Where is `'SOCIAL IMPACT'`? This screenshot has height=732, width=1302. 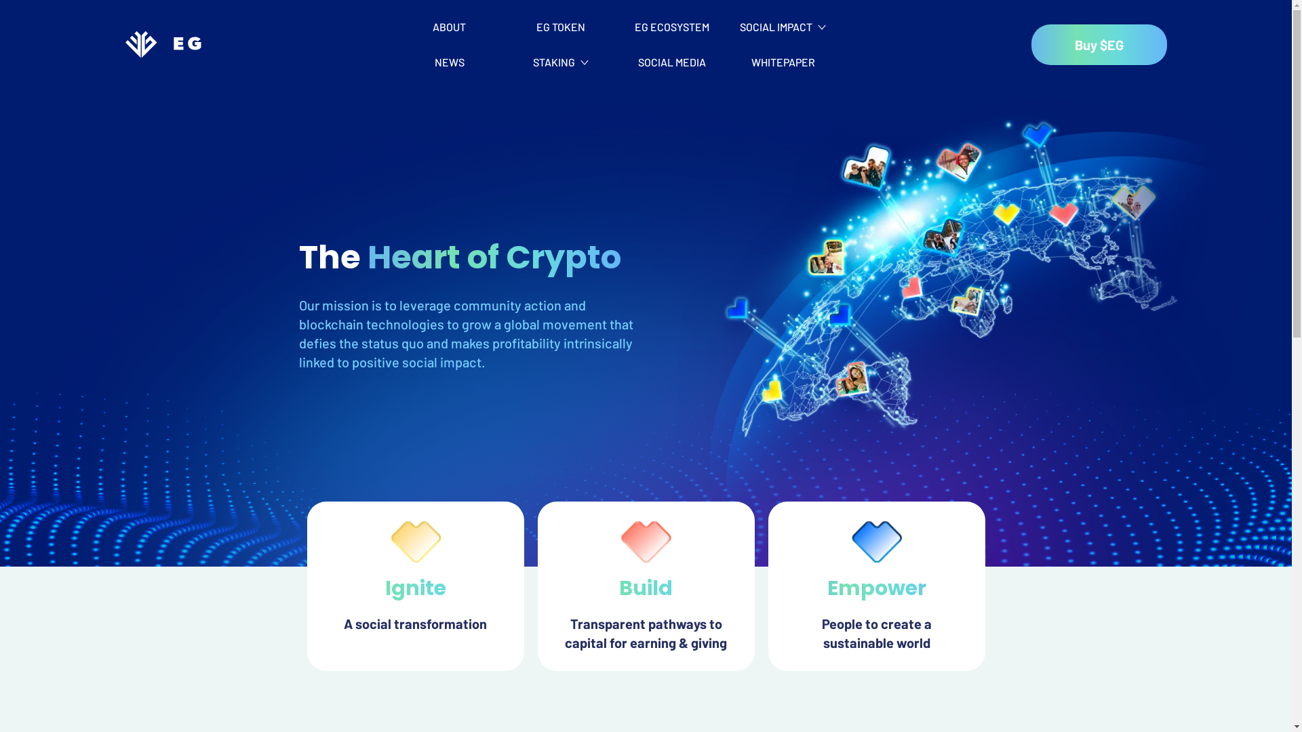 'SOCIAL IMPACT' is located at coordinates (782, 26).